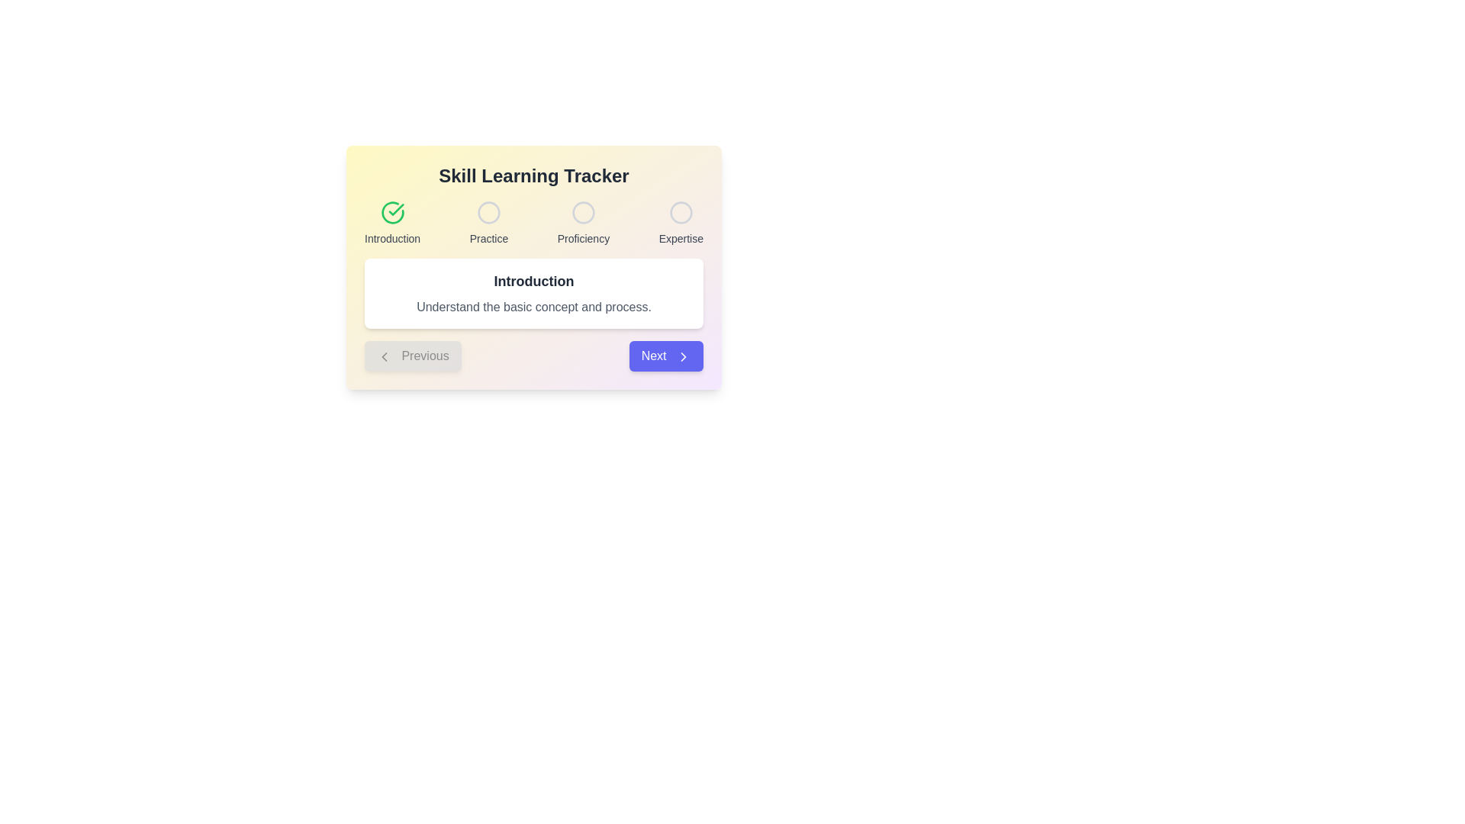 The width and height of the screenshot is (1465, 824). Describe the element at coordinates (680, 212) in the screenshot. I see `the unfilled circular icon representing the last step in the 'Skill Learning Tracker' progression, located in the top-right section of the cluster of four icons` at that location.